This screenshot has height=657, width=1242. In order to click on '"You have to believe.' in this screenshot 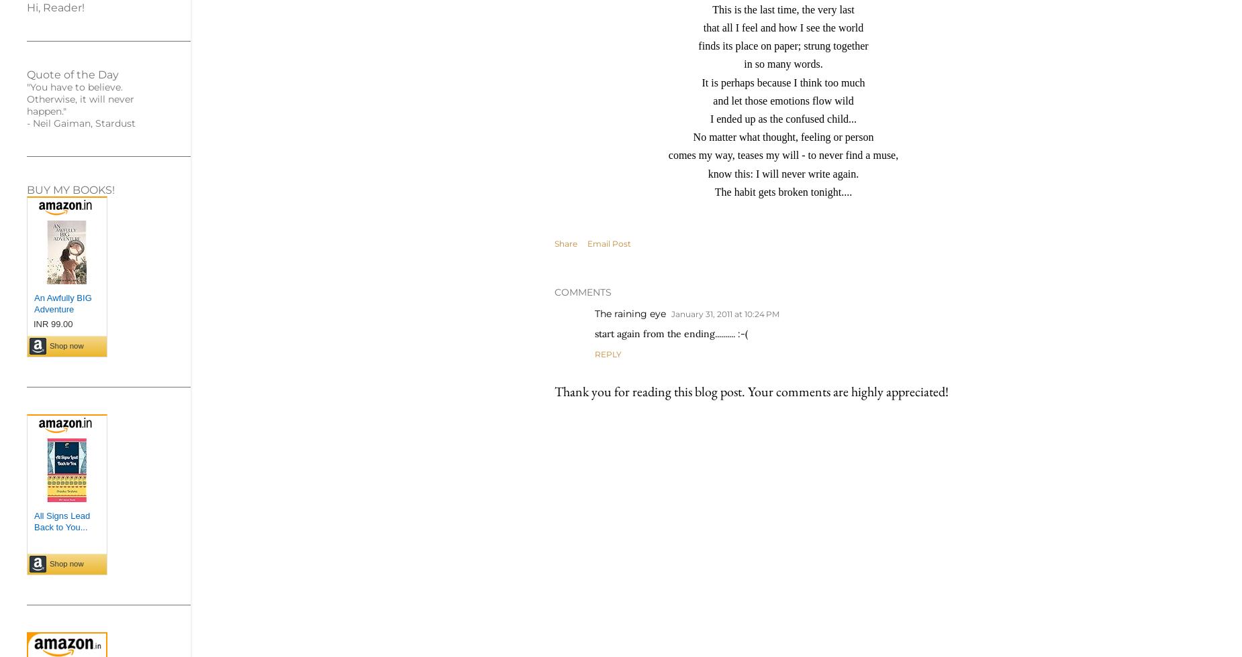, I will do `click(74, 87)`.